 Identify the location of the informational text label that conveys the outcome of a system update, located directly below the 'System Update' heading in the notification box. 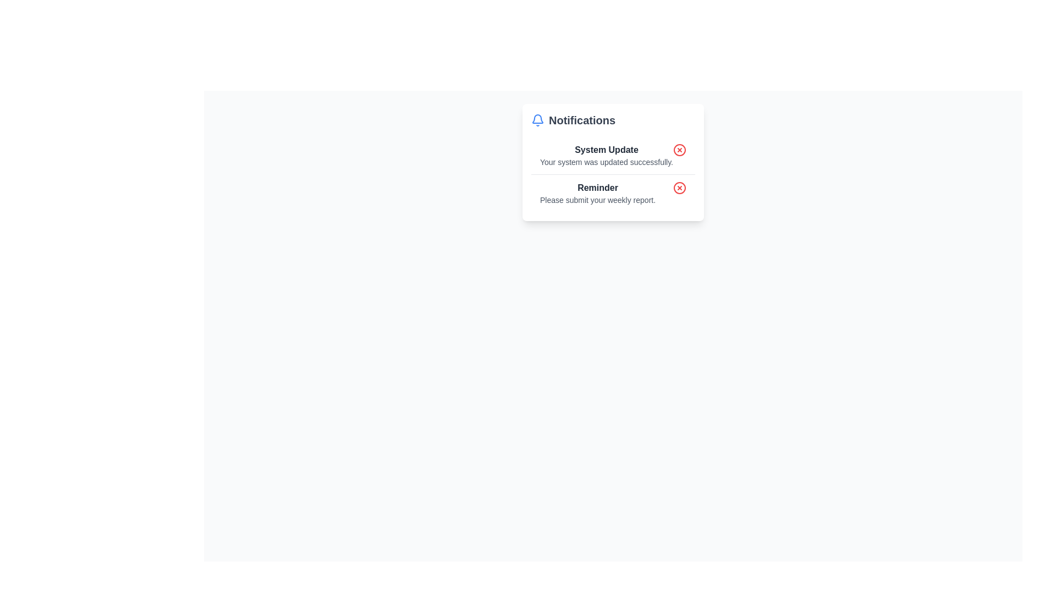
(606, 162).